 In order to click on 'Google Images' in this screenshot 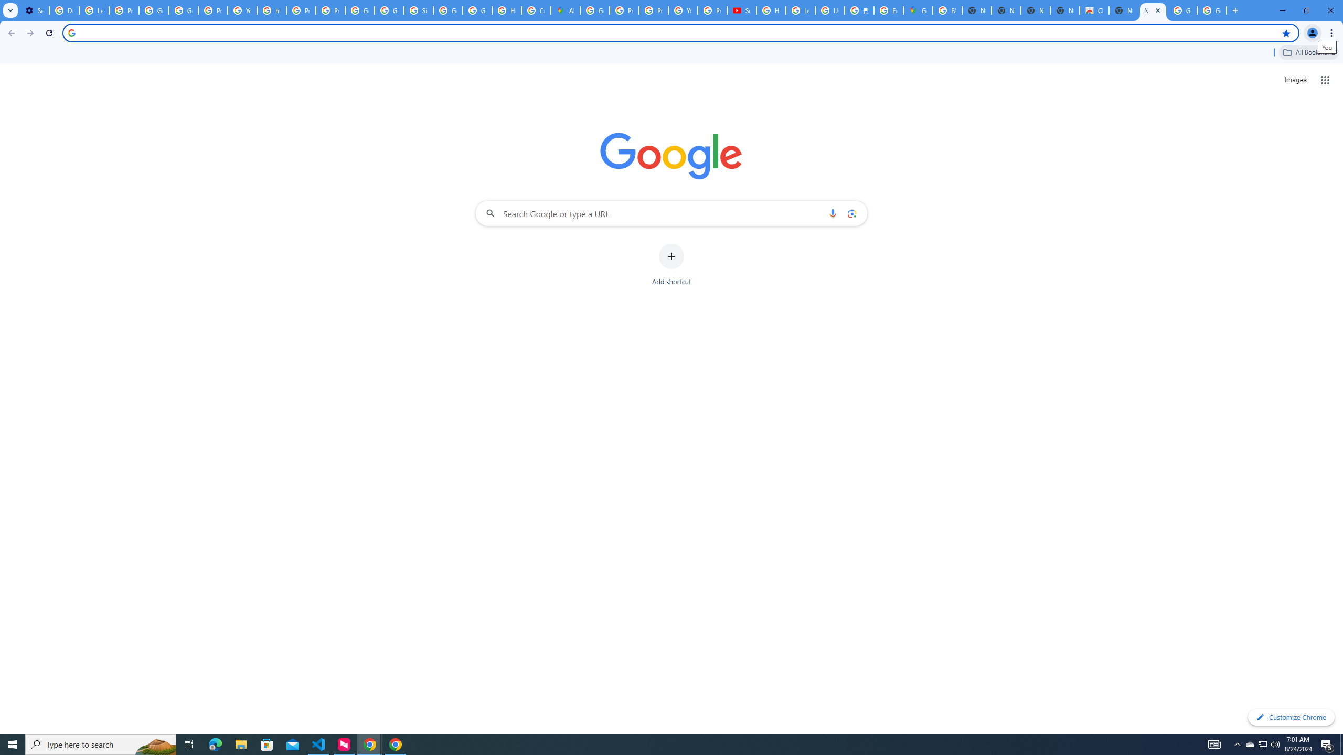, I will do `click(1212, 10)`.